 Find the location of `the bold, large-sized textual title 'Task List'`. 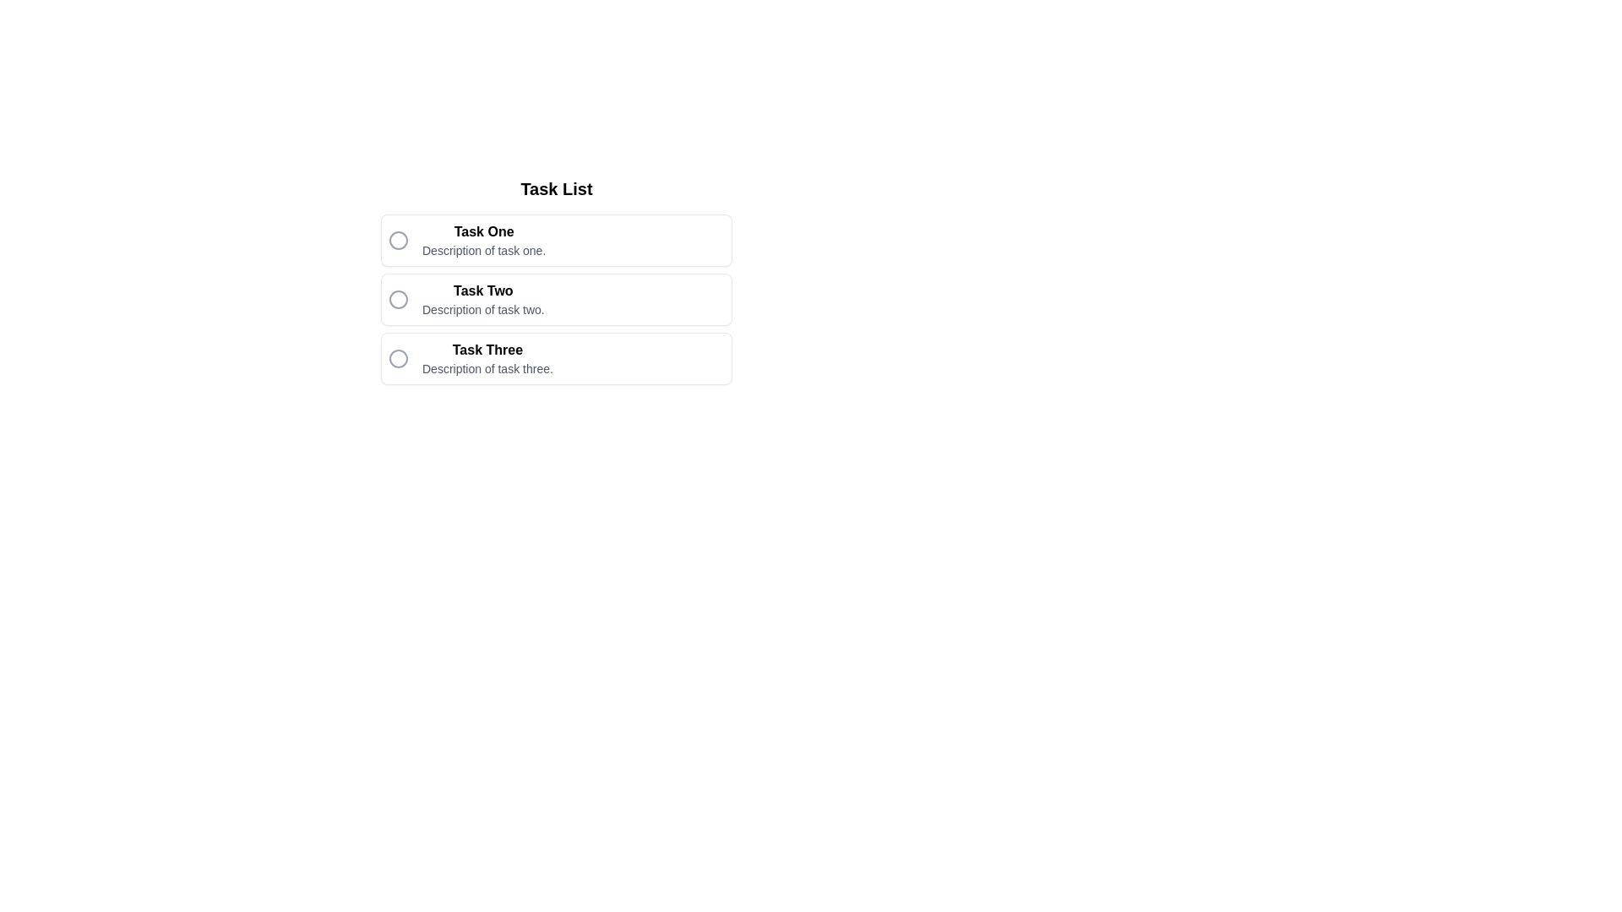

the bold, large-sized textual title 'Task List' is located at coordinates (556, 188).